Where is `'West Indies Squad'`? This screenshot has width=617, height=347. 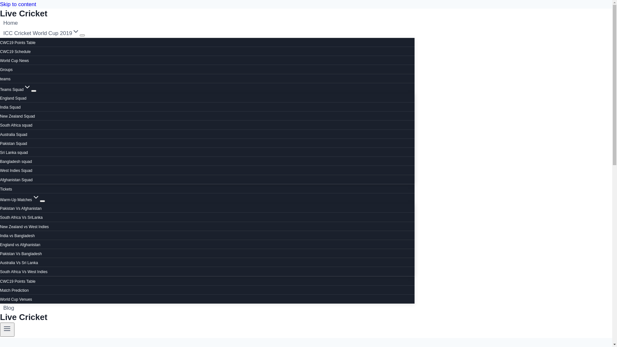 'West Indies Squad' is located at coordinates (16, 170).